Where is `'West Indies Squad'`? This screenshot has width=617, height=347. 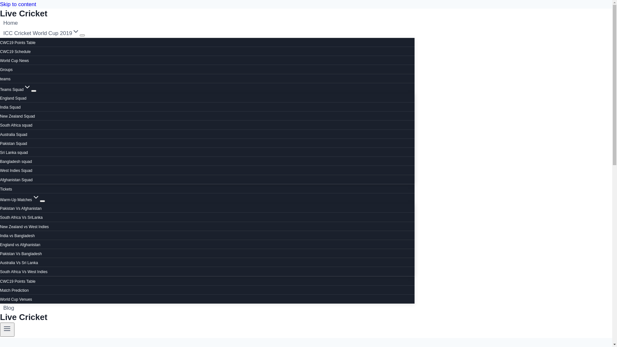 'West Indies Squad' is located at coordinates (16, 170).